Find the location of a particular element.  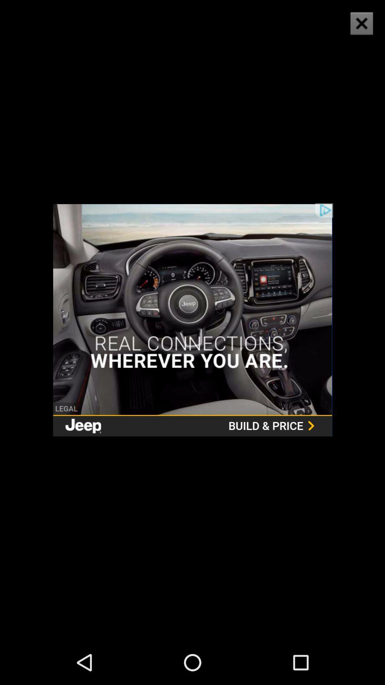

the icon at the top right corner is located at coordinates (361, 23).